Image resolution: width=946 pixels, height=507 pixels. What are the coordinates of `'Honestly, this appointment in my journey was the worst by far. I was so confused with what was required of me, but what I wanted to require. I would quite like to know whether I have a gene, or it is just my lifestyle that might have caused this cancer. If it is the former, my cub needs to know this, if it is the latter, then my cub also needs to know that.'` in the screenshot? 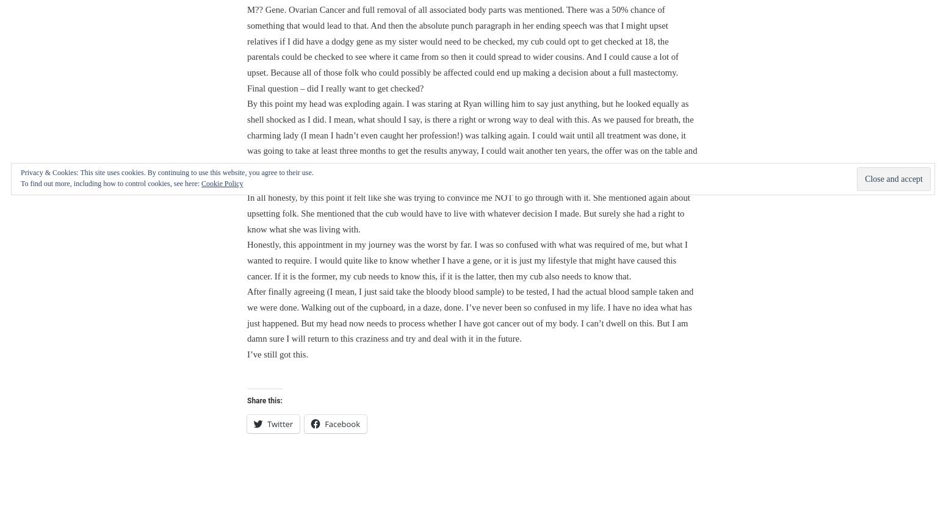 It's located at (467, 259).